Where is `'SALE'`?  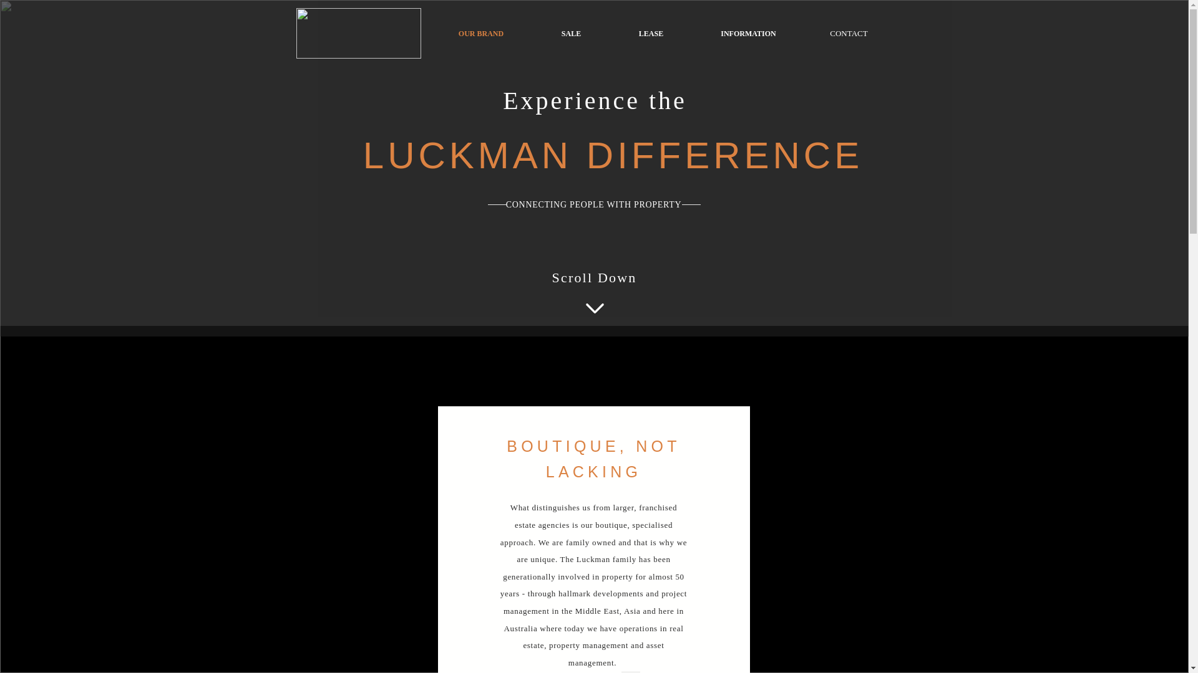 'SALE' is located at coordinates (571, 33).